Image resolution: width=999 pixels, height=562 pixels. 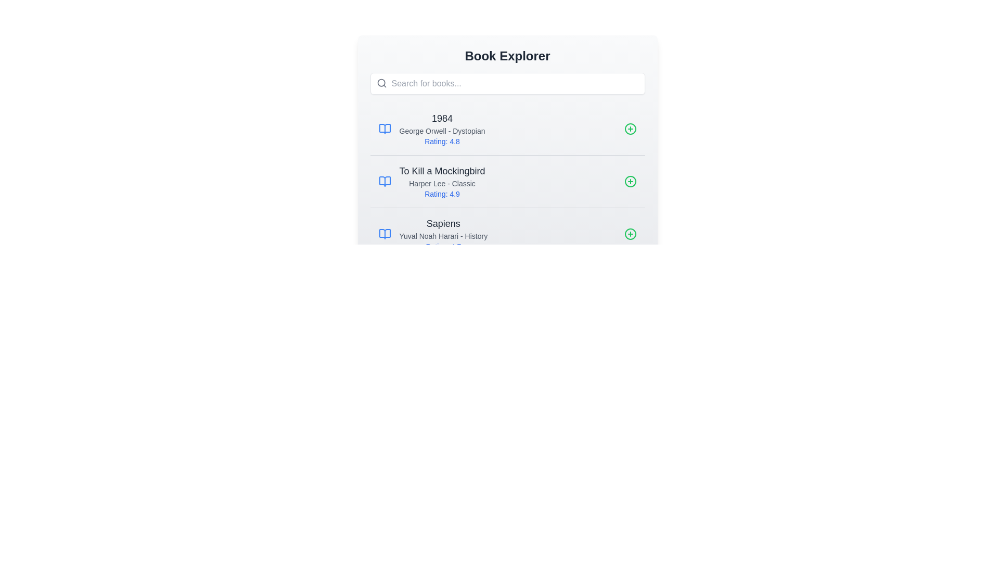 What do you see at coordinates (630, 234) in the screenshot?
I see `the Circle component within the SVG that is part of the plus-circle icon associated with the book 'Sapiens'` at bounding box center [630, 234].